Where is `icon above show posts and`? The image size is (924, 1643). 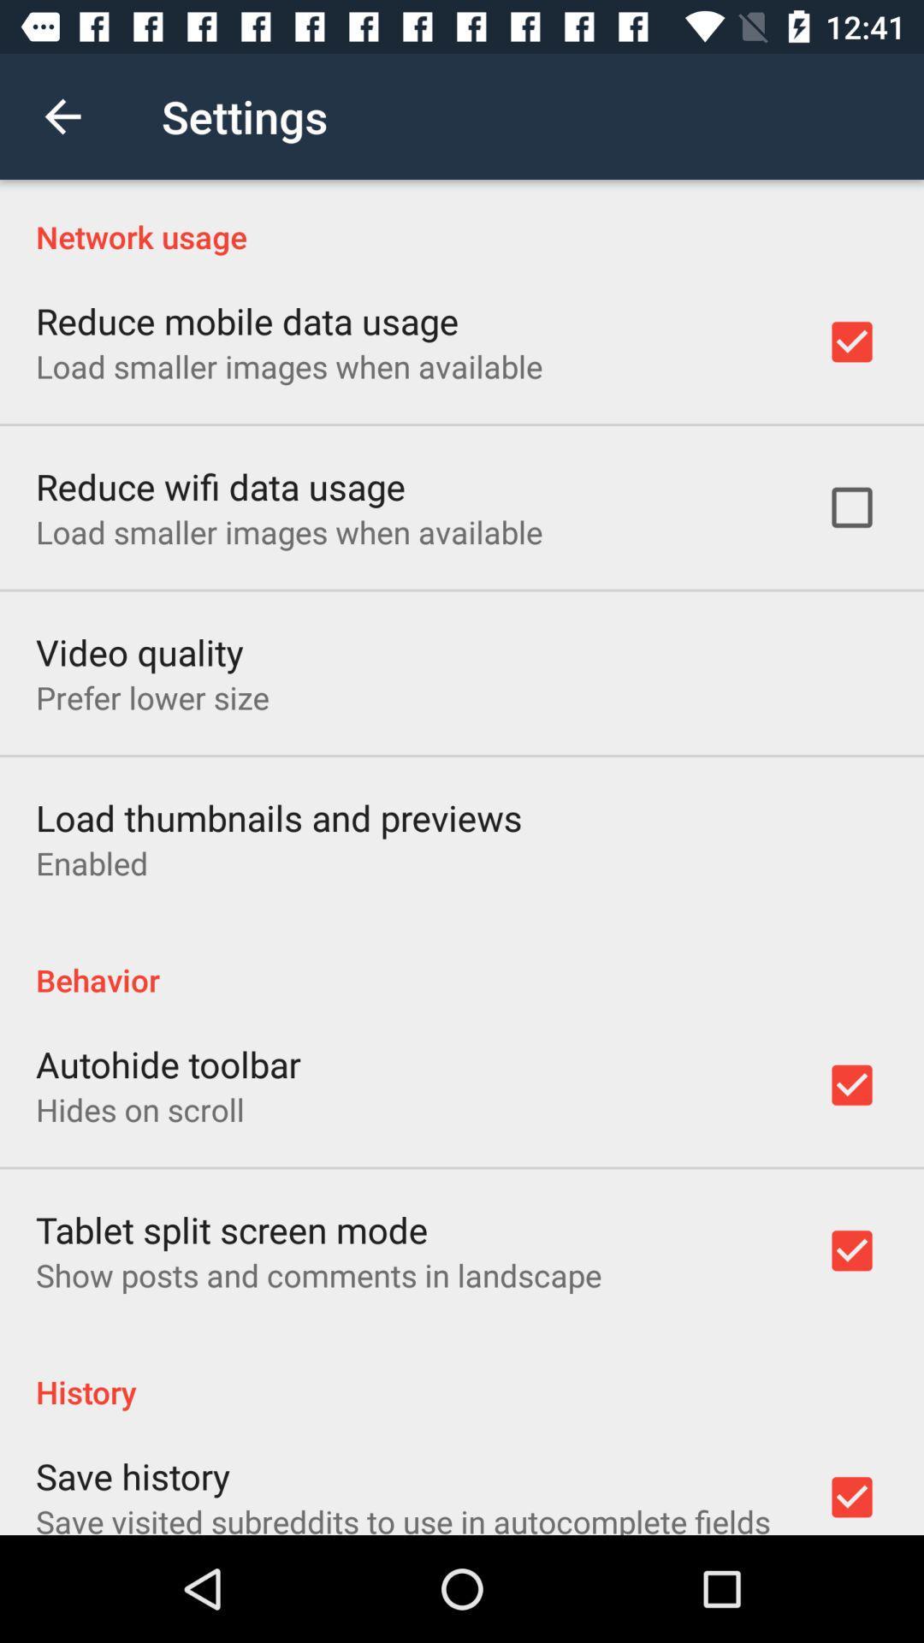
icon above show posts and is located at coordinates (232, 1228).